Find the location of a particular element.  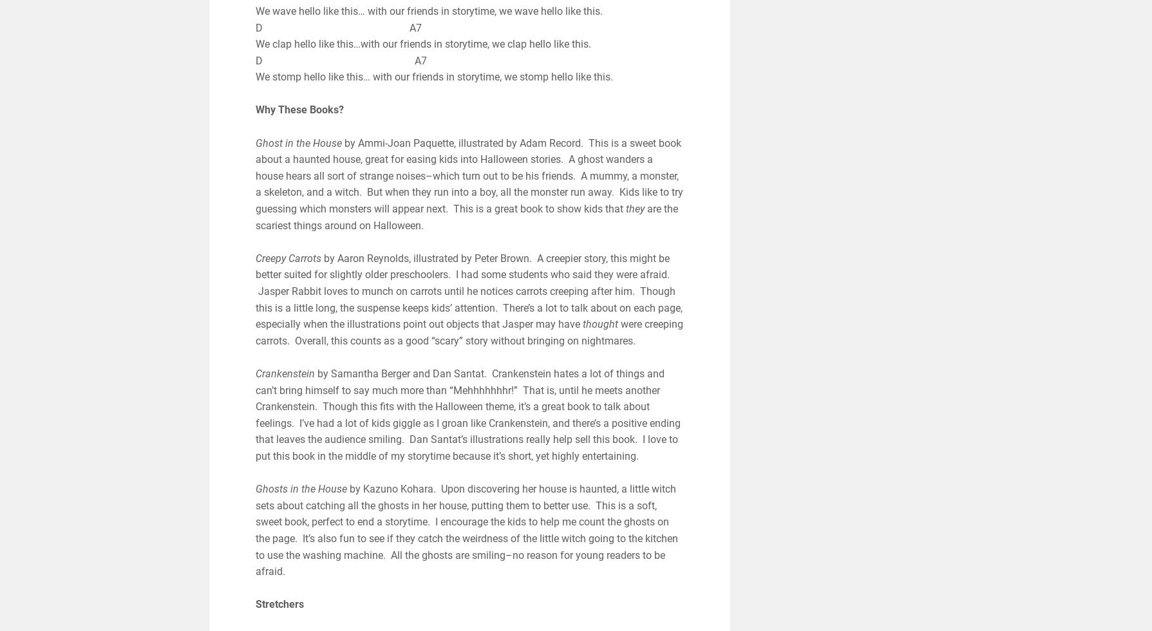

'Ghosts in the House' is located at coordinates (299, 489).